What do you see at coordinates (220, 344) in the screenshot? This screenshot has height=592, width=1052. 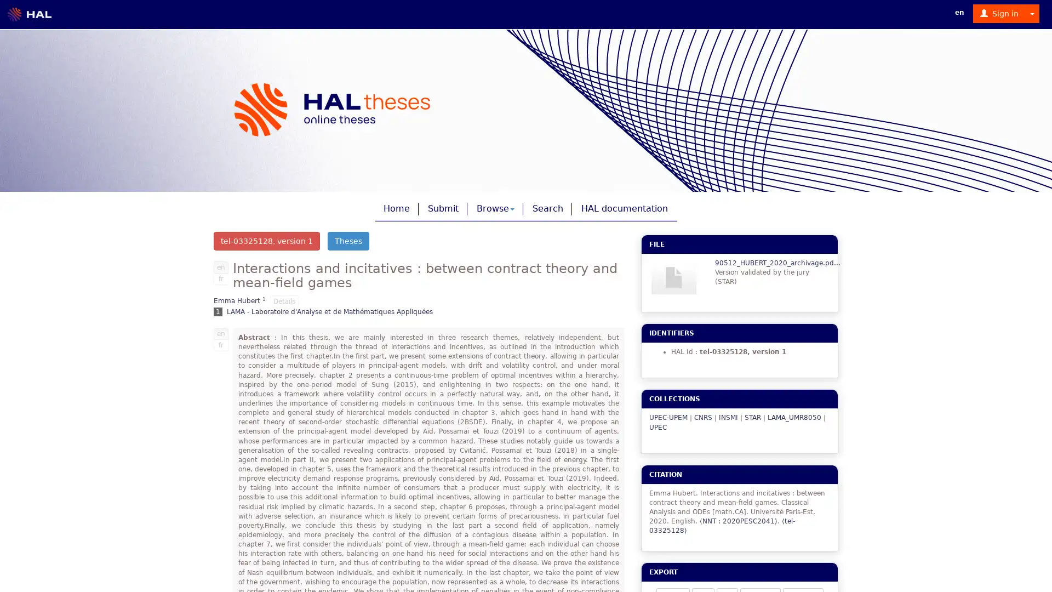 I see `fr` at bounding box center [220, 344].